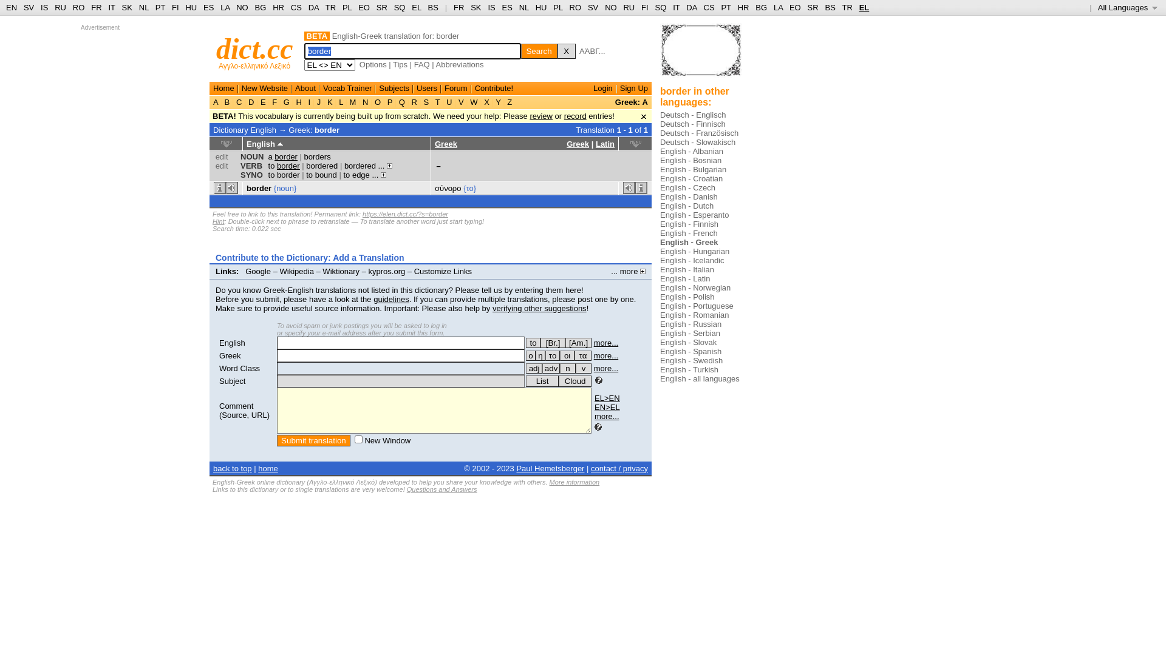  What do you see at coordinates (227, 101) in the screenshot?
I see `'B'` at bounding box center [227, 101].